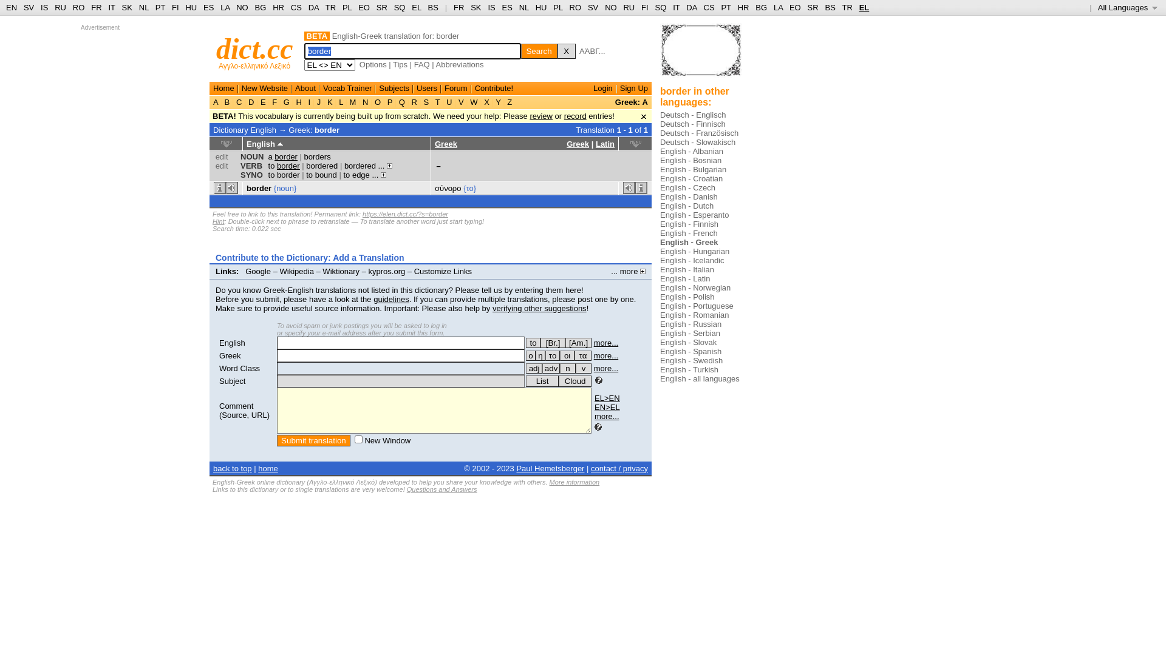  What do you see at coordinates (227, 101) in the screenshot?
I see `'B'` at bounding box center [227, 101].